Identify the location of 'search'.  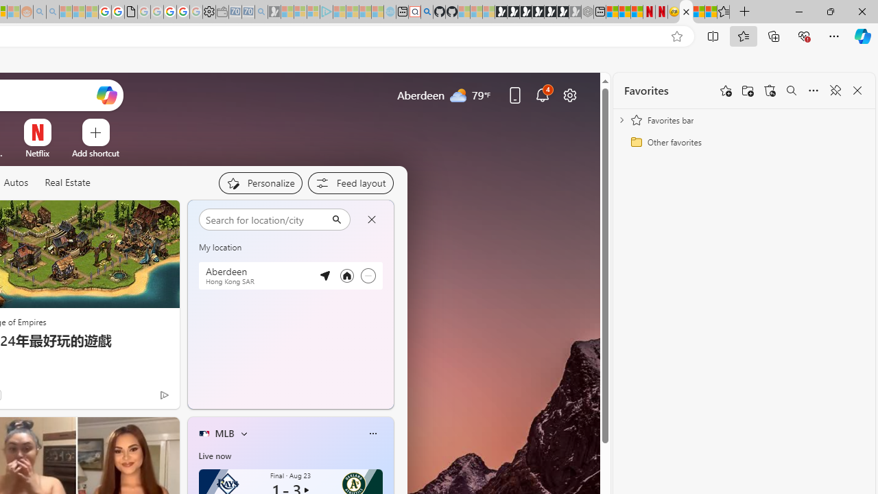
(265, 218).